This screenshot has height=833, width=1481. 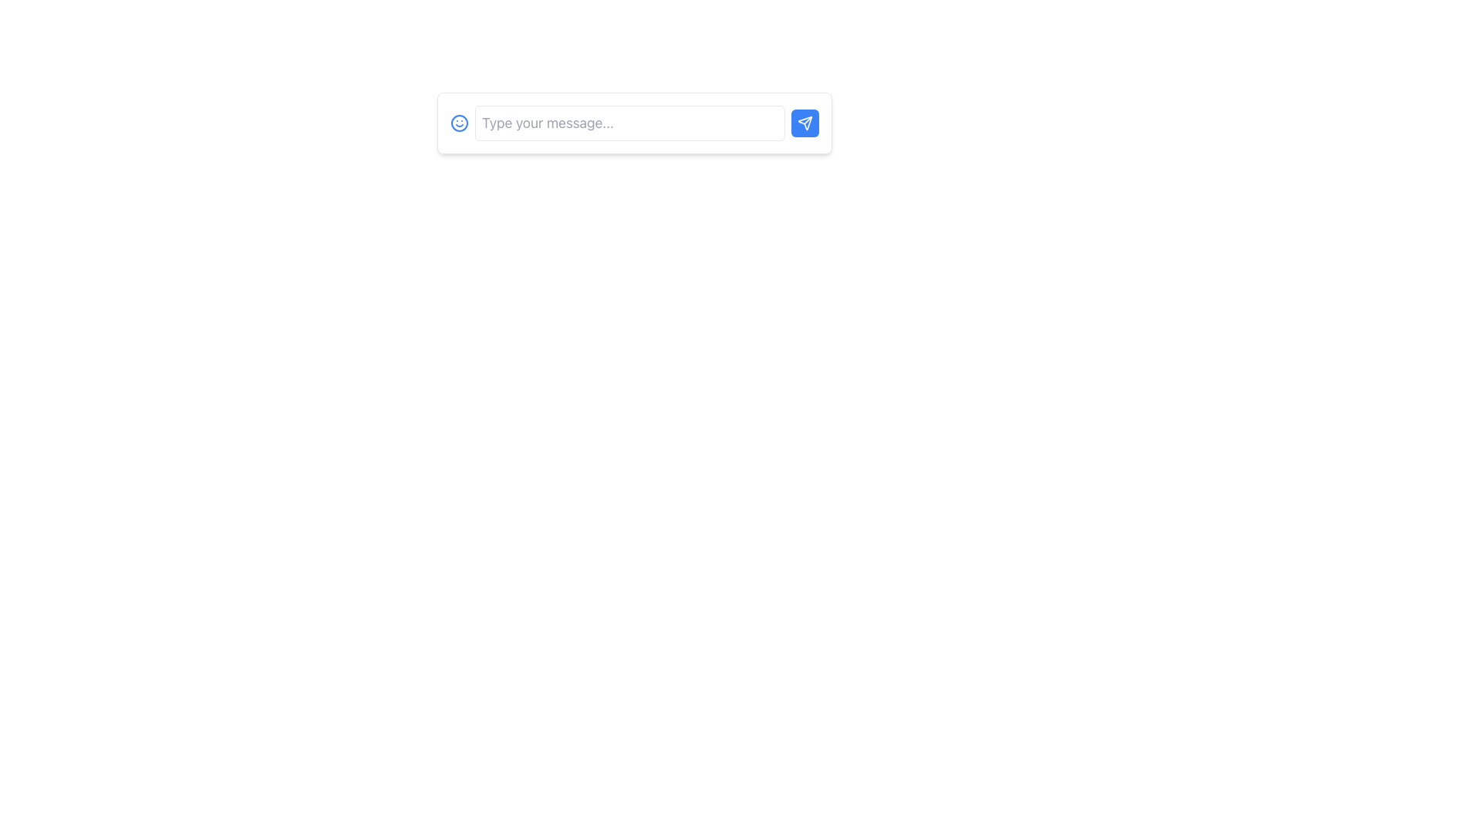 What do you see at coordinates (804, 122) in the screenshot?
I see `the blue button with a white paper airplane icon to observe its hover effect` at bounding box center [804, 122].